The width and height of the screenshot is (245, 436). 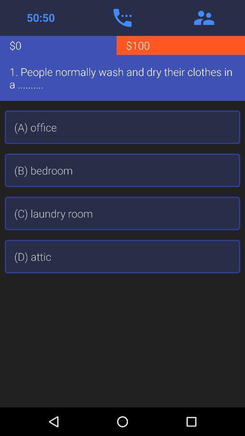 What do you see at coordinates (122, 17) in the screenshot?
I see `open phone app` at bounding box center [122, 17].